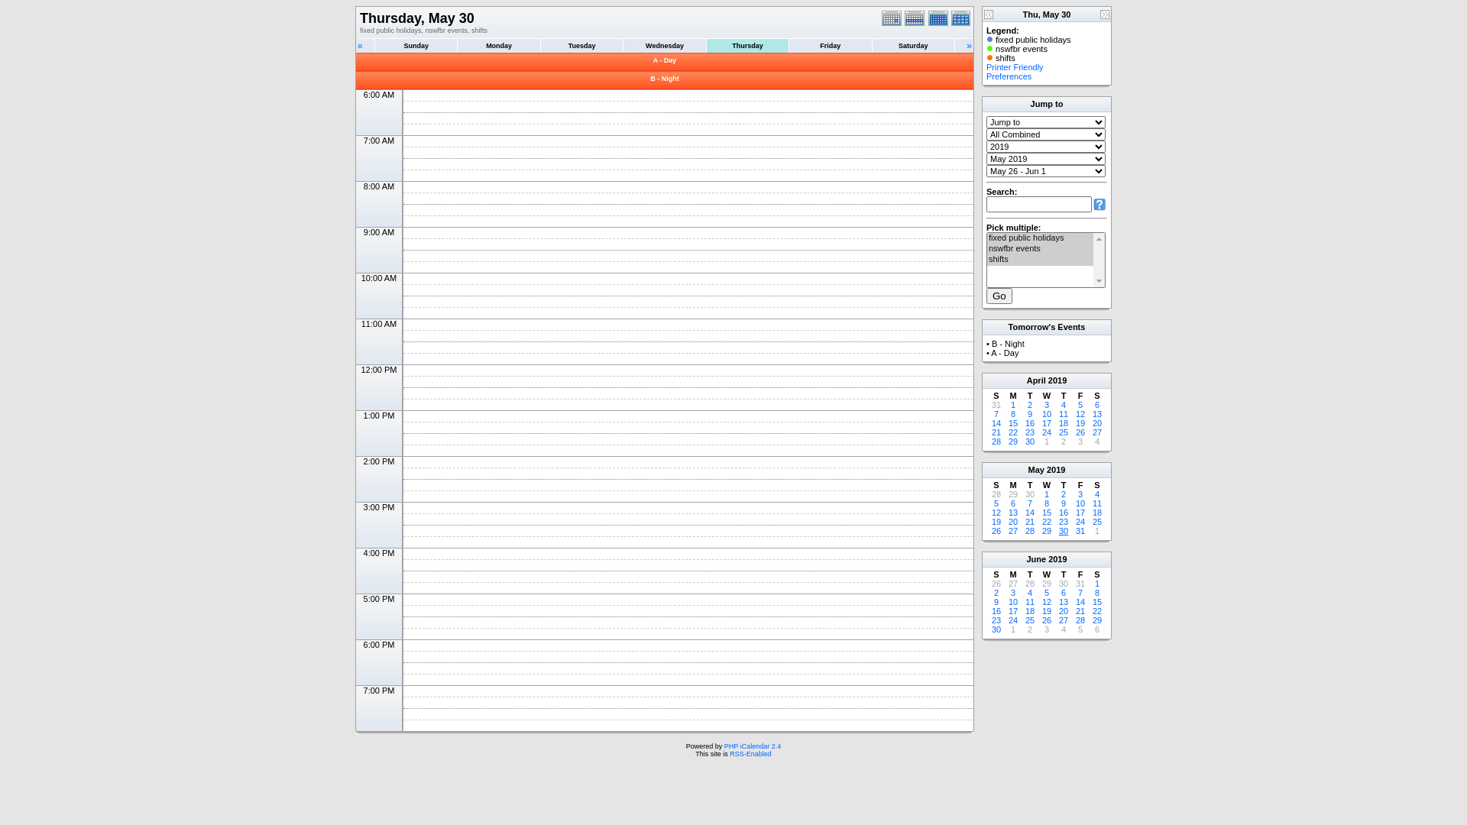  What do you see at coordinates (498, 45) in the screenshot?
I see `'Monday'` at bounding box center [498, 45].